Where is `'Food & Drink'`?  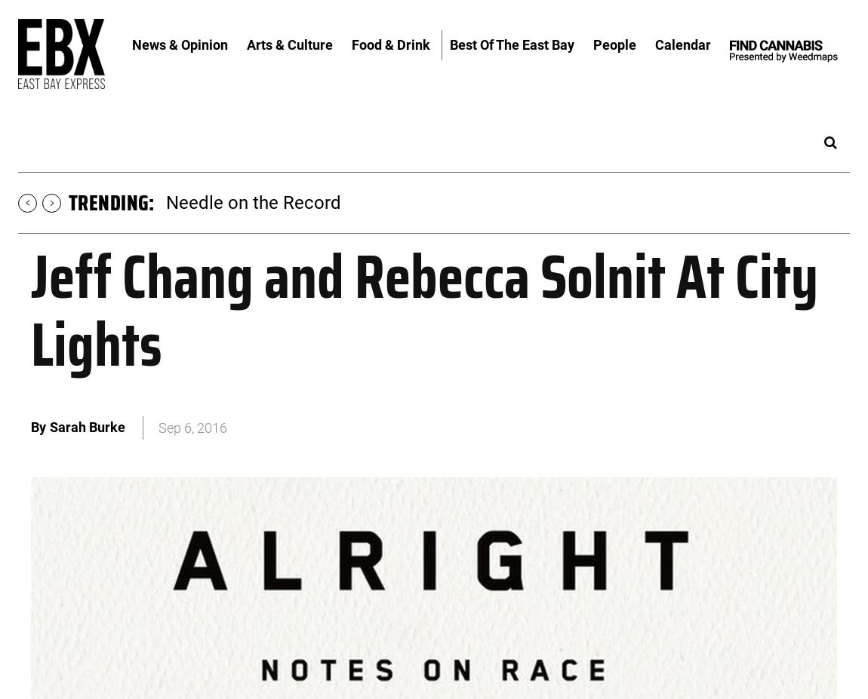 'Food & Drink' is located at coordinates (390, 43).